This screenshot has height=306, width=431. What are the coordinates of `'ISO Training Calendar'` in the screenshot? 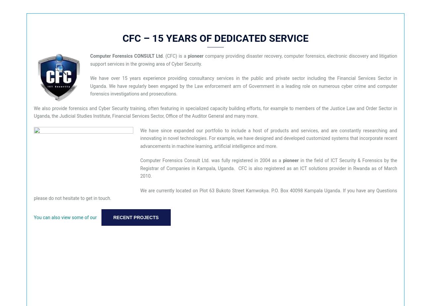 It's located at (13, 205).